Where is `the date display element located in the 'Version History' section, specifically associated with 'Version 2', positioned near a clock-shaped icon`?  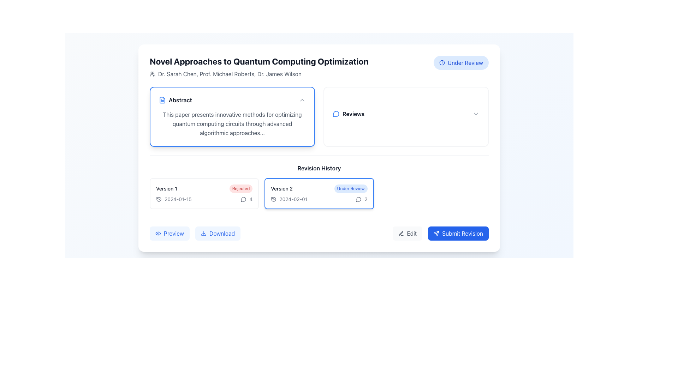 the date display element located in the 'Version History' section, specifically associated with 'Version 2', positioned near a clock-shaped icon is located at coordinates (293, 199).